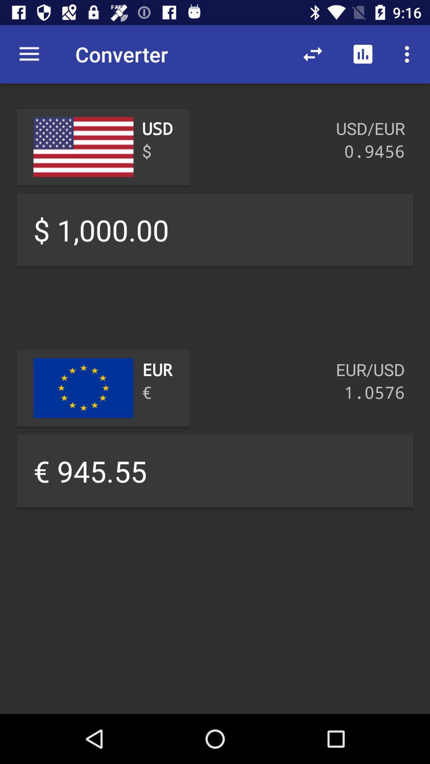  I want to click on the 2nd image on the web page, so click(83, 388).